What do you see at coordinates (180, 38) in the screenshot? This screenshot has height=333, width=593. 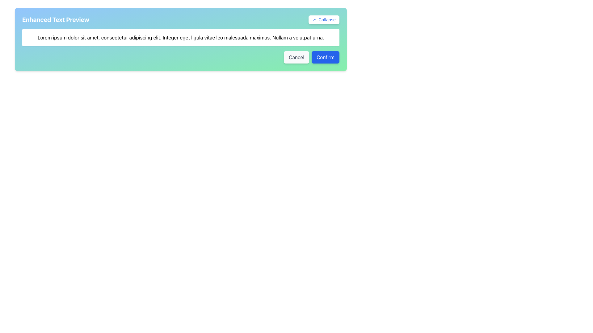 I see `text displayed in the Text Display element located beneath the 'Enhanced Text Preview' section and above the 'Cancel' and 'Confirm' buttons` at bounding box center [180, 38].